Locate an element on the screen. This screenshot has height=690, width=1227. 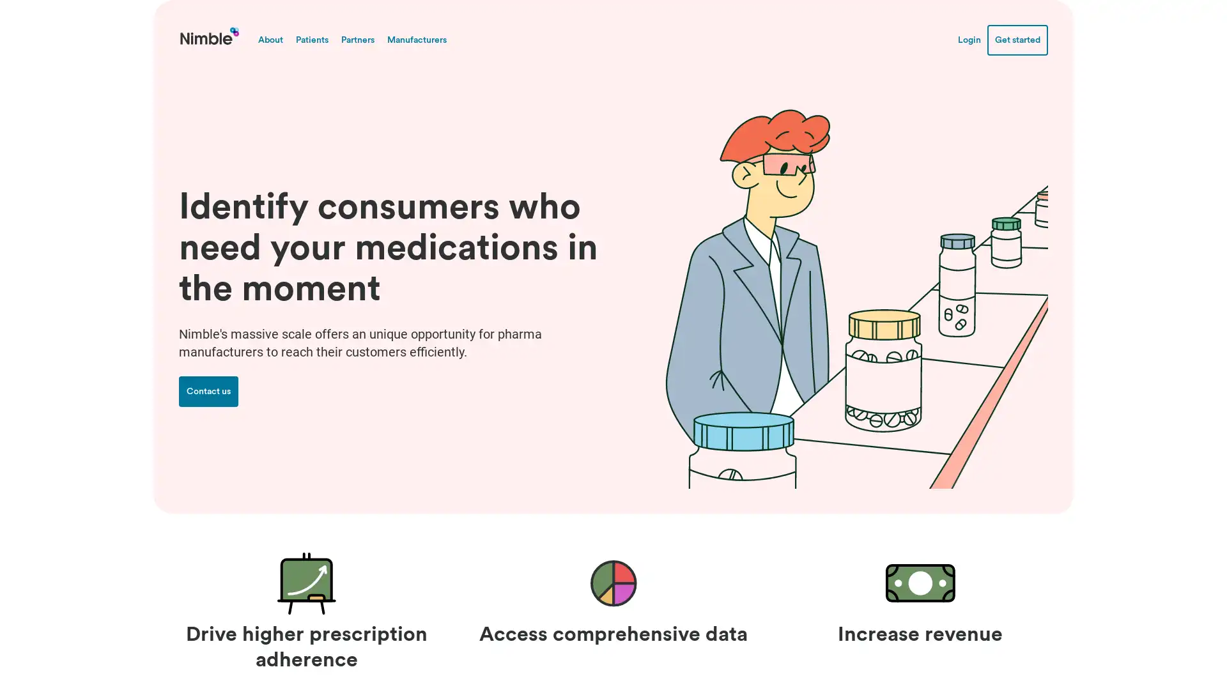
Manufacturers is located at coordinates (417, 38).